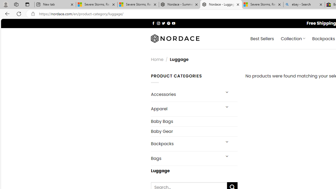 This screenshot has width=336, height=189. Describe the element at coordinates (262, 38) in the screenshot. I see `'  Best Sellers'` at that location.